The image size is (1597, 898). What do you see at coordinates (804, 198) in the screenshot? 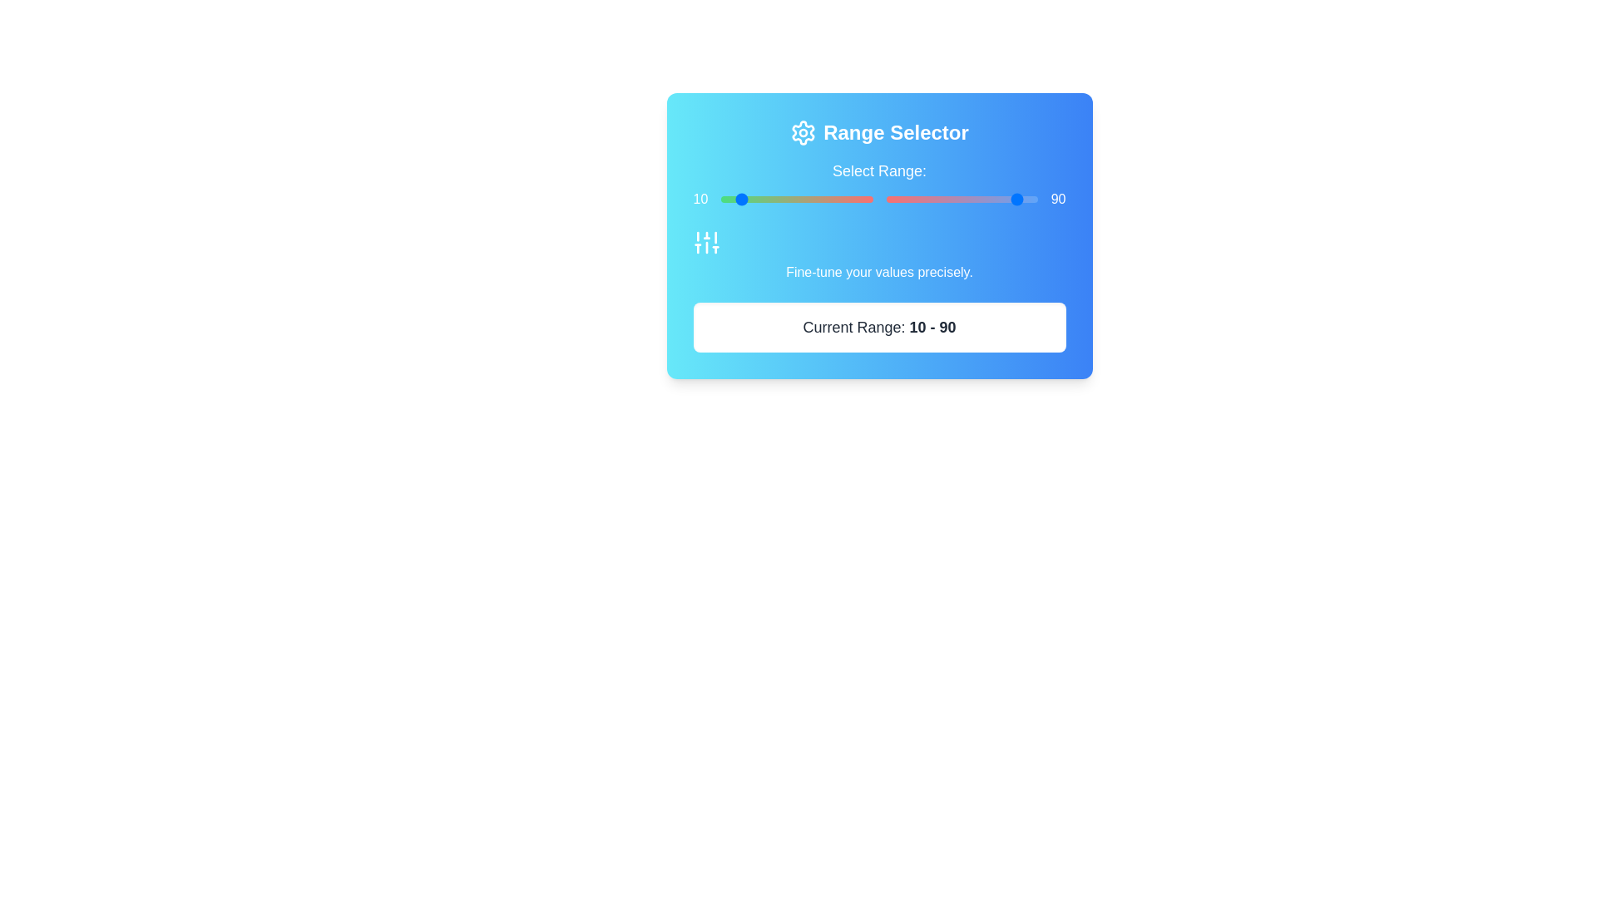
I see `the left range slider to set the starting value to 55` at bounding box center [804, 198].